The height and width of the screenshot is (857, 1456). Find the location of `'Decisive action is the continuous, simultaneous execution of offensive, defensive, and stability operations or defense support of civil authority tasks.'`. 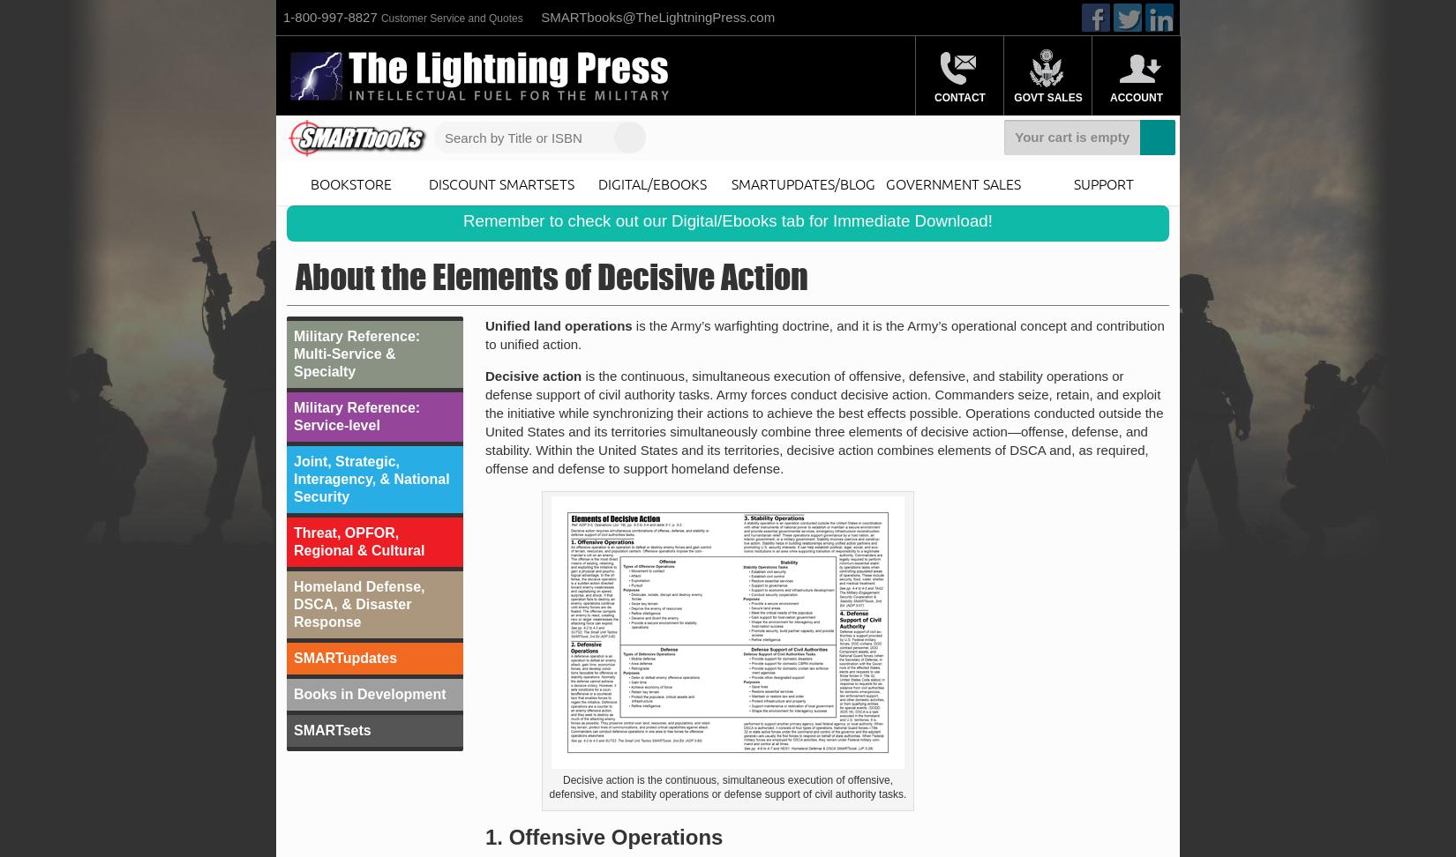

'Decisive action is the continuous, simultaneous execution of offensive, defensive, and stability operations or defense support of civil authority tasks.' is located at coordinates (726, 786).